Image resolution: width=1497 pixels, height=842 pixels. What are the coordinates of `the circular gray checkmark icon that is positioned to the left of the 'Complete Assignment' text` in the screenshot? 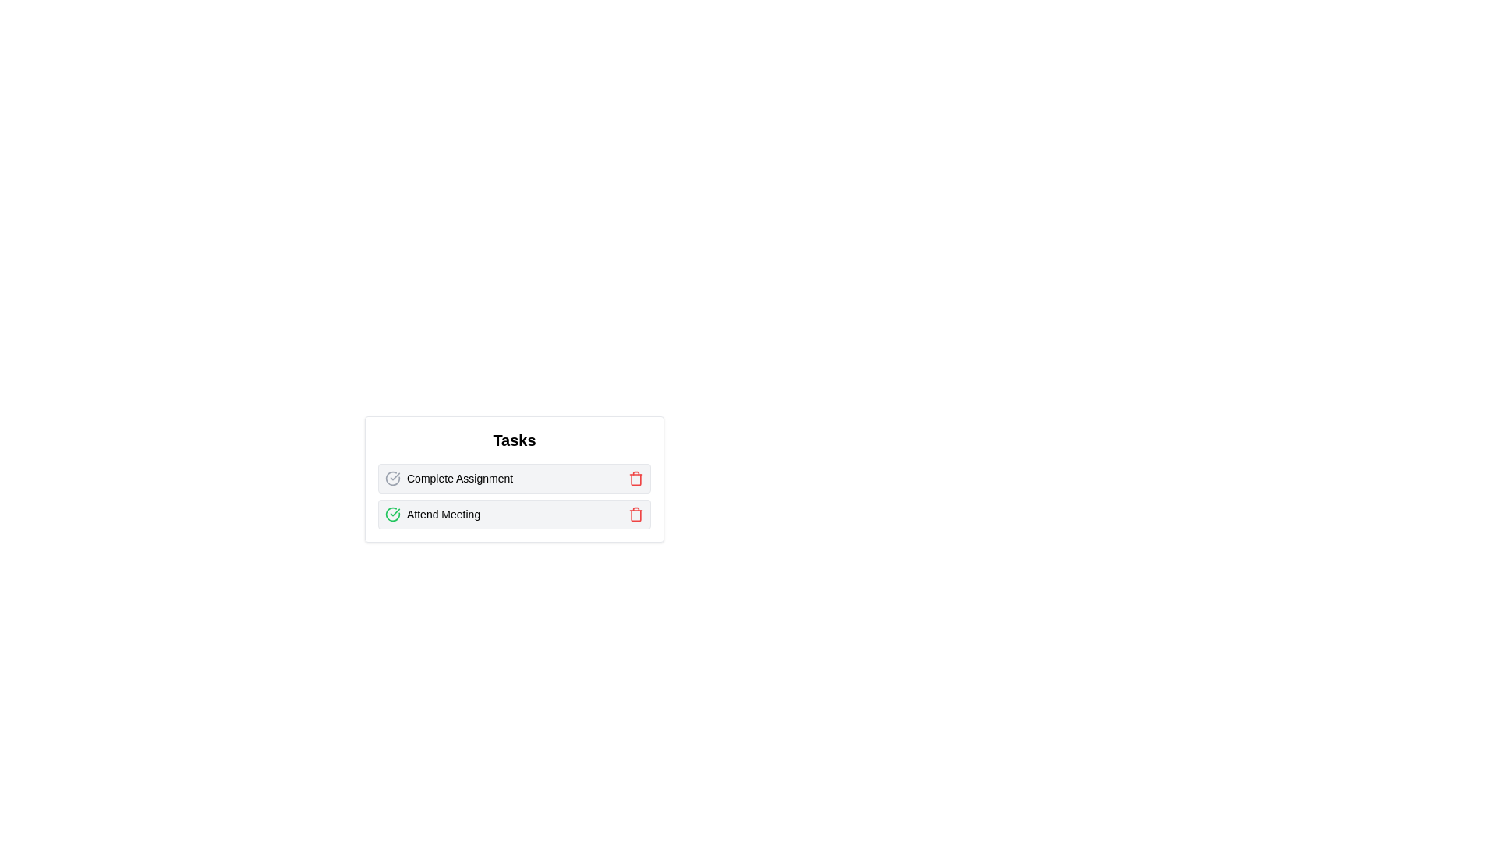 It's located at (393, 477).